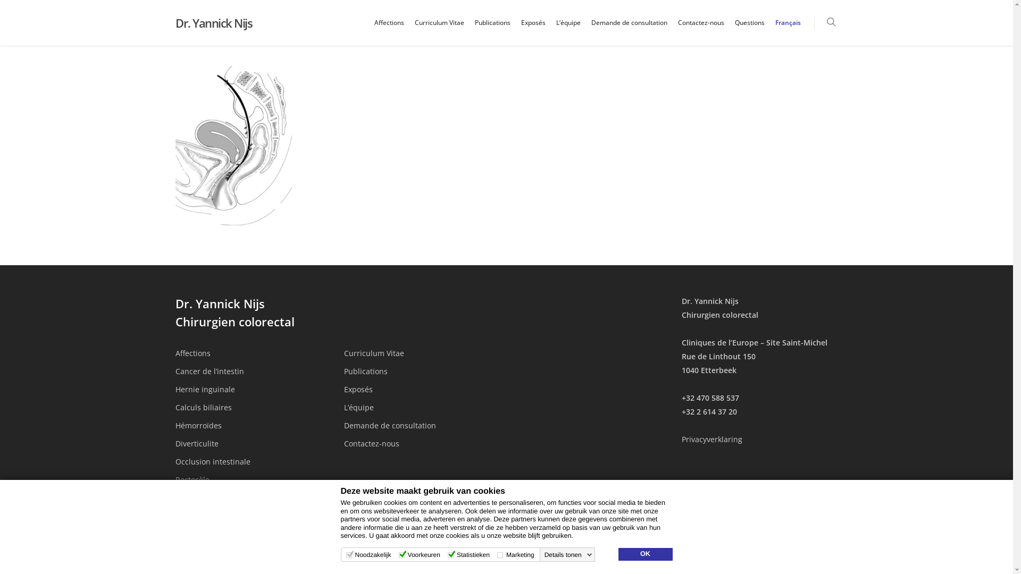 The width and height of the screenshot is (1021, 574). What do you see at coordinates (749, 30) in the screenshot?
I see `'Questions'` at bounding box center [749, 30].